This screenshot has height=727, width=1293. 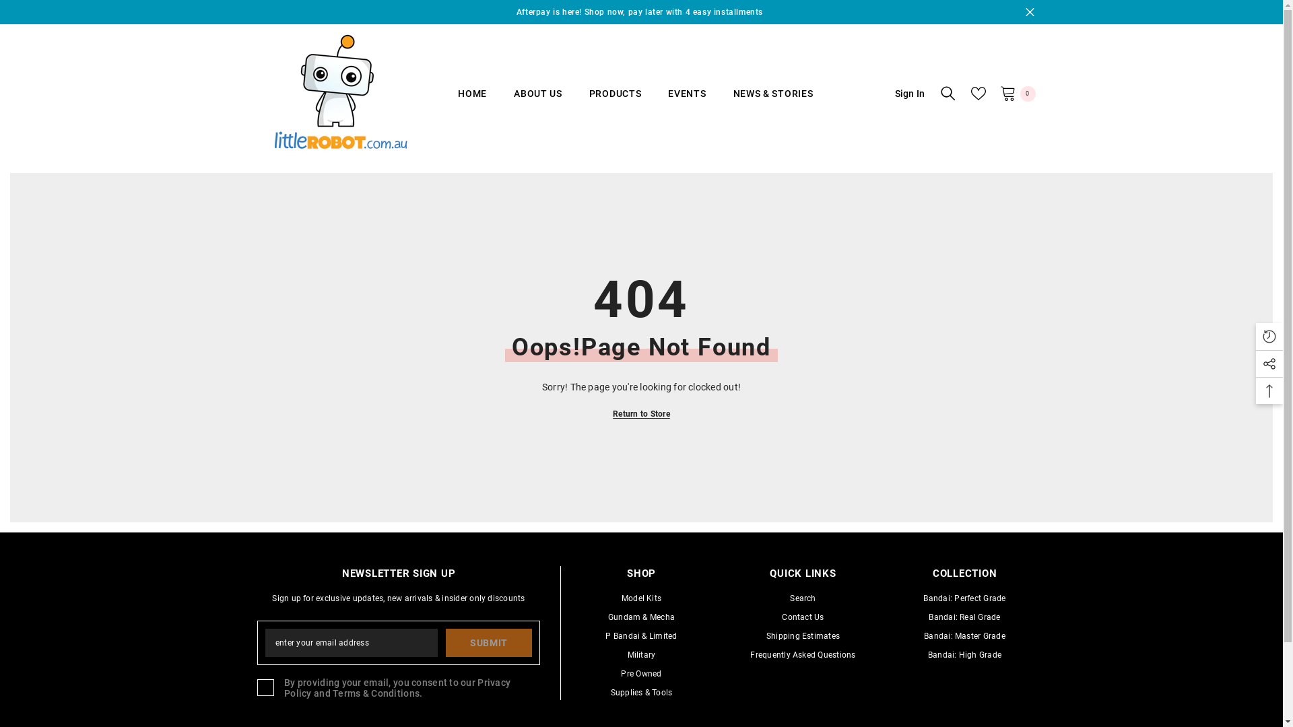 What do you see at coordinates (766, 636) in the screenshot?
I see `'Shipping Estimates'` at bounding box center [766, 636].